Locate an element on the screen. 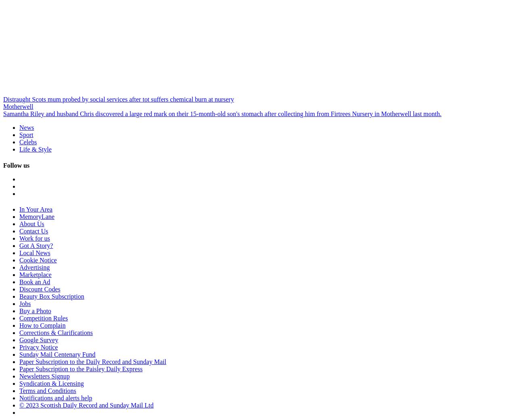 The width and height of the screenshot is (516, 420). 'Follow us' is located at coordinates (16, 164).